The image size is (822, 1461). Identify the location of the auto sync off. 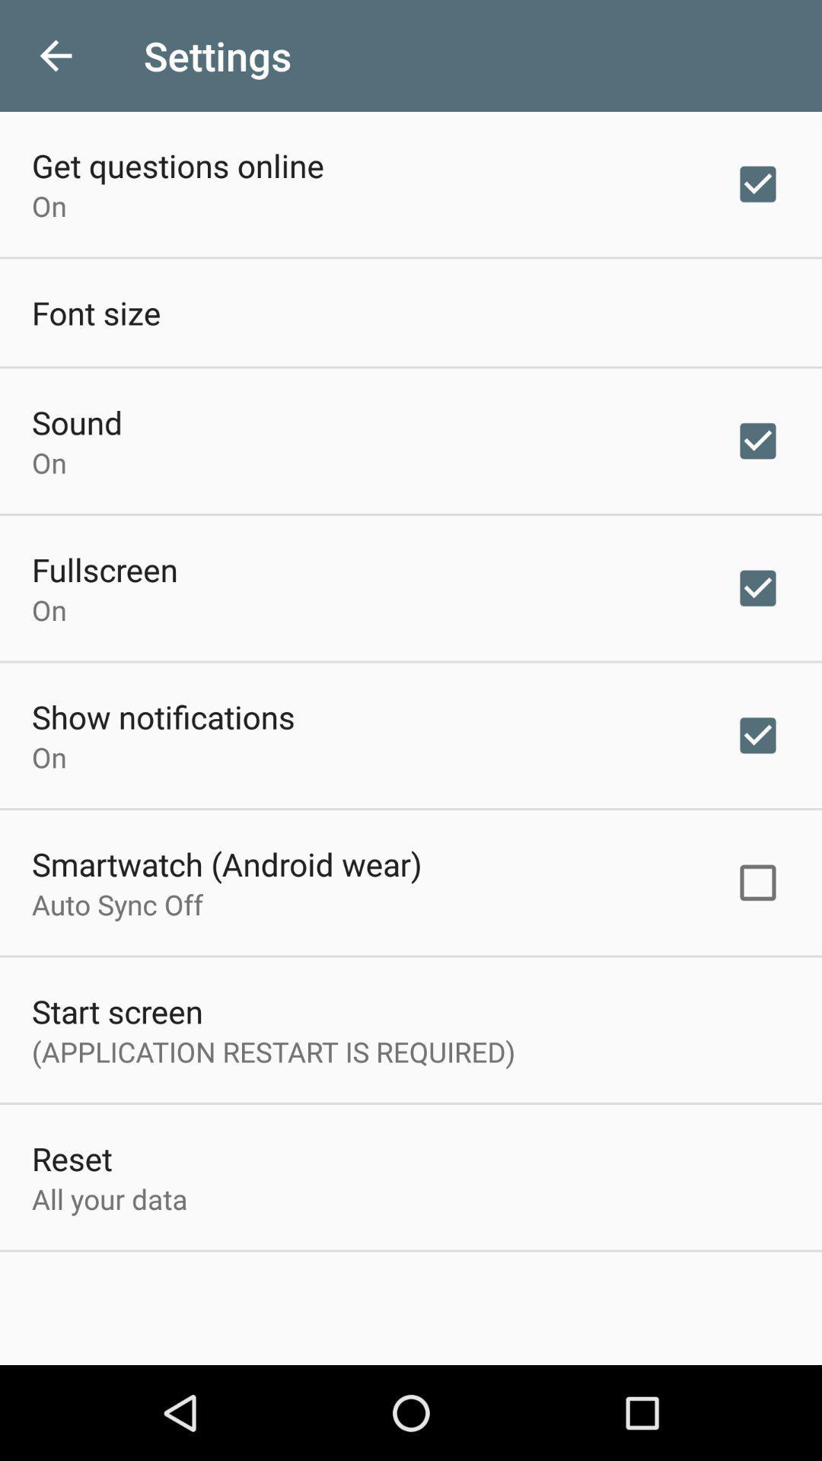
(116, 904).